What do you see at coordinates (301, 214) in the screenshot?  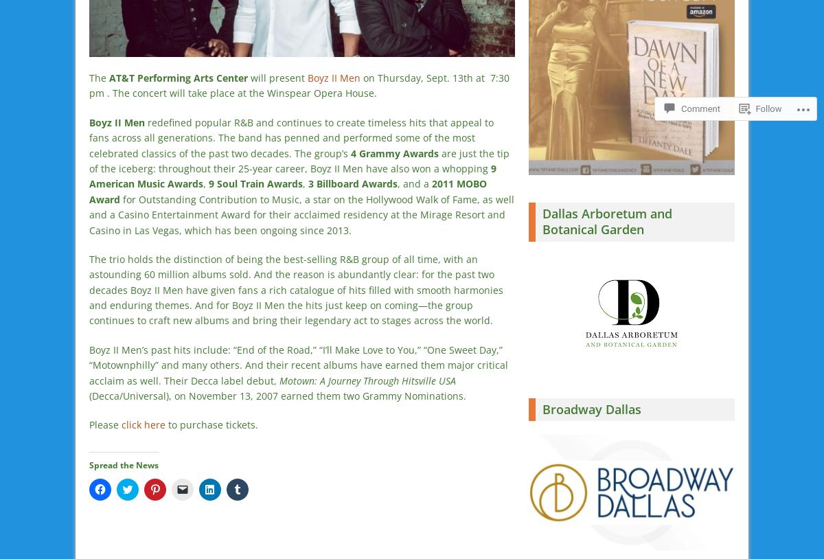 I see `'for Outstanding Contribution to Music, a star on the Hollywood Walk of Fame, as well and a Casino Entertainment Award for their acclaimed residency at the Mirage Resort and Casino in Las Vegas, which has been ongoing since 2013.'` at bounding box center [301, 214].